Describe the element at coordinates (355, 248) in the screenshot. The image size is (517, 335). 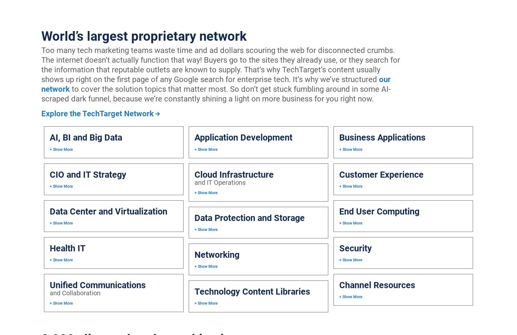
I see `'Security'` at that location.